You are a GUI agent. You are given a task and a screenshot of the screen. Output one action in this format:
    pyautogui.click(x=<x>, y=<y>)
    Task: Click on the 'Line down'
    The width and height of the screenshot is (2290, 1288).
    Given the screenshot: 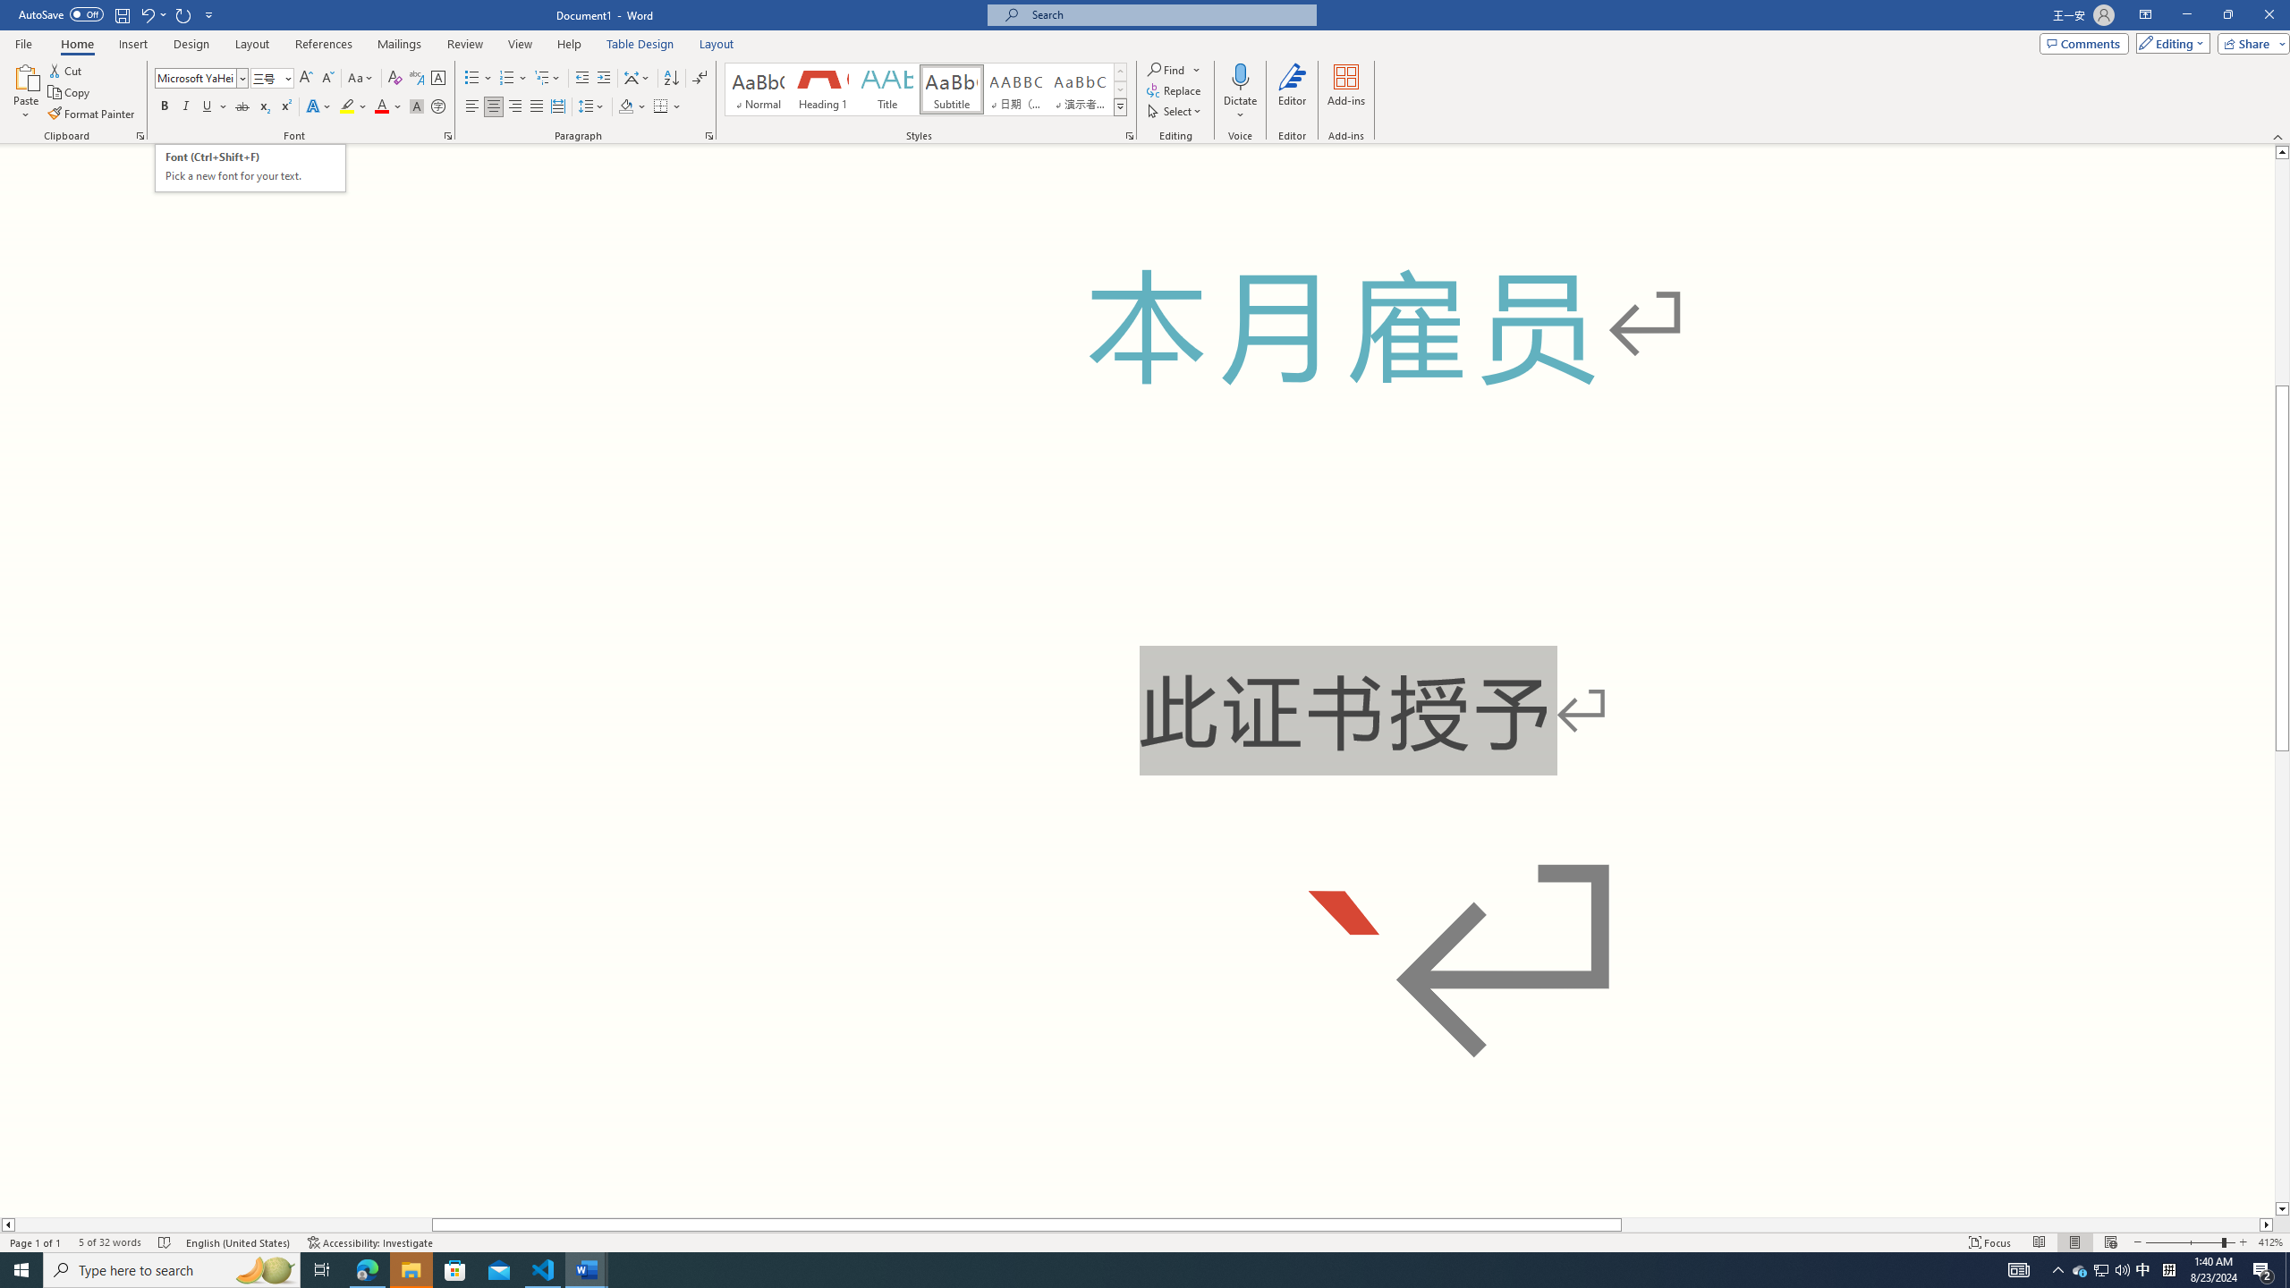 What is the action you would take?
    pyautogui.click(x=2282, y=1208)
    